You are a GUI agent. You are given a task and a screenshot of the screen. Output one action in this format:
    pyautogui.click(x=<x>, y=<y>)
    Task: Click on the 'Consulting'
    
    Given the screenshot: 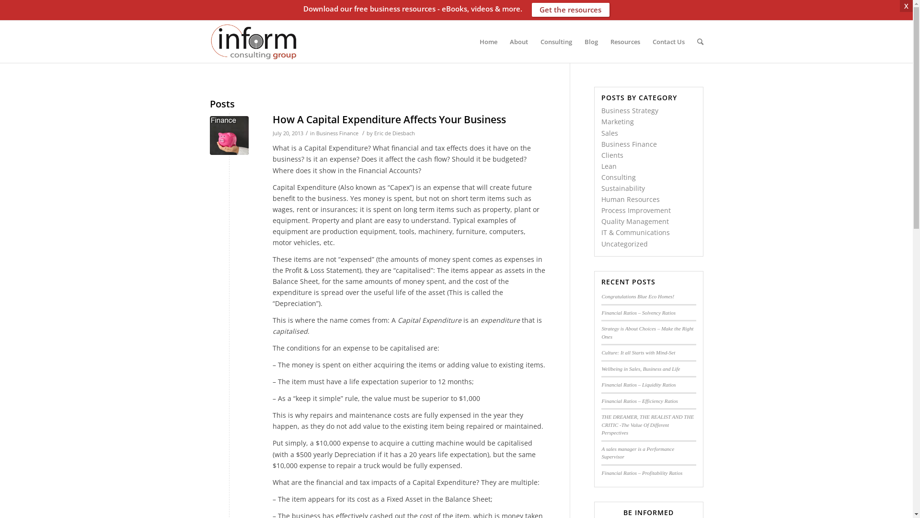 What is the action you would take?
    pyautogui.click(x=619, y=177)
    